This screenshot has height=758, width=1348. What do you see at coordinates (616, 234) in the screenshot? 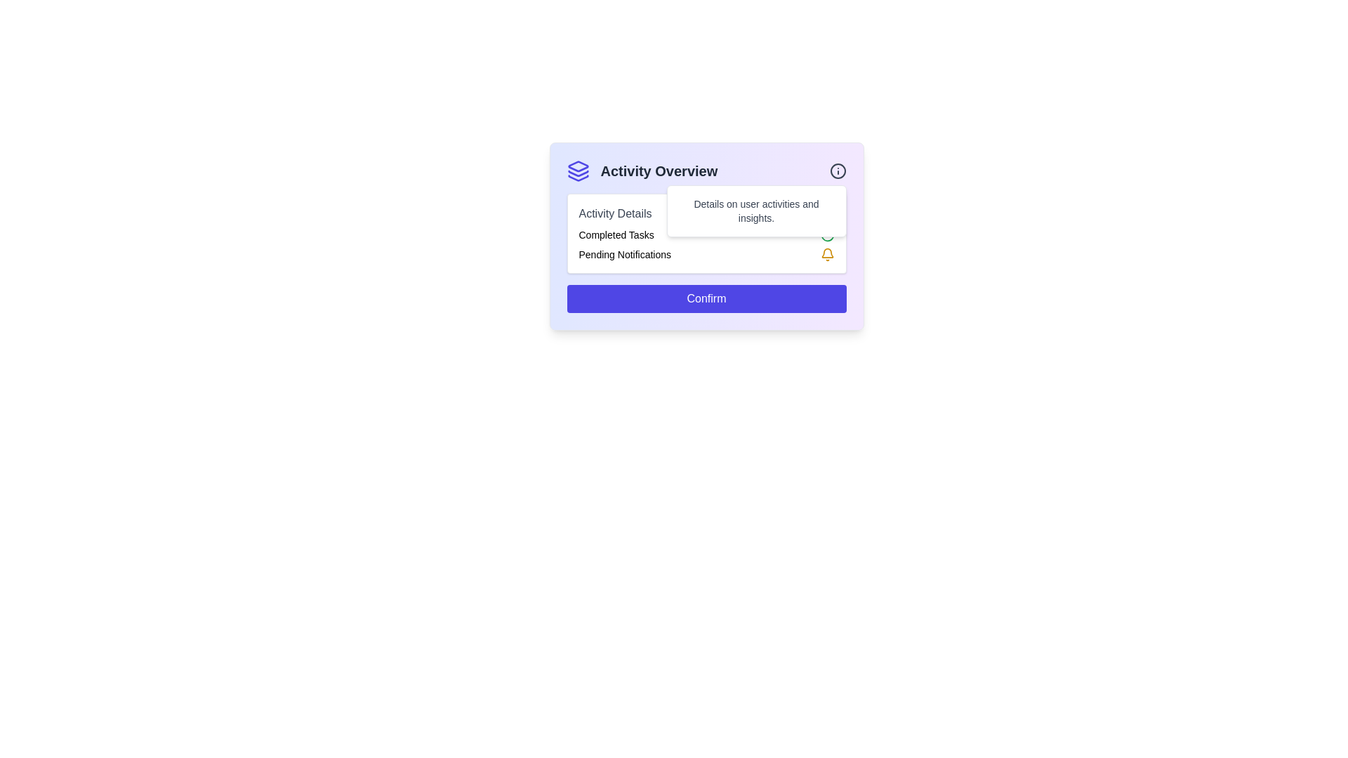
I see `the 'Completed Tasks' text label, which is the second entry under the 'Activity Details' section in the 'Activity Overview' card` at bounding box center [616, 234].